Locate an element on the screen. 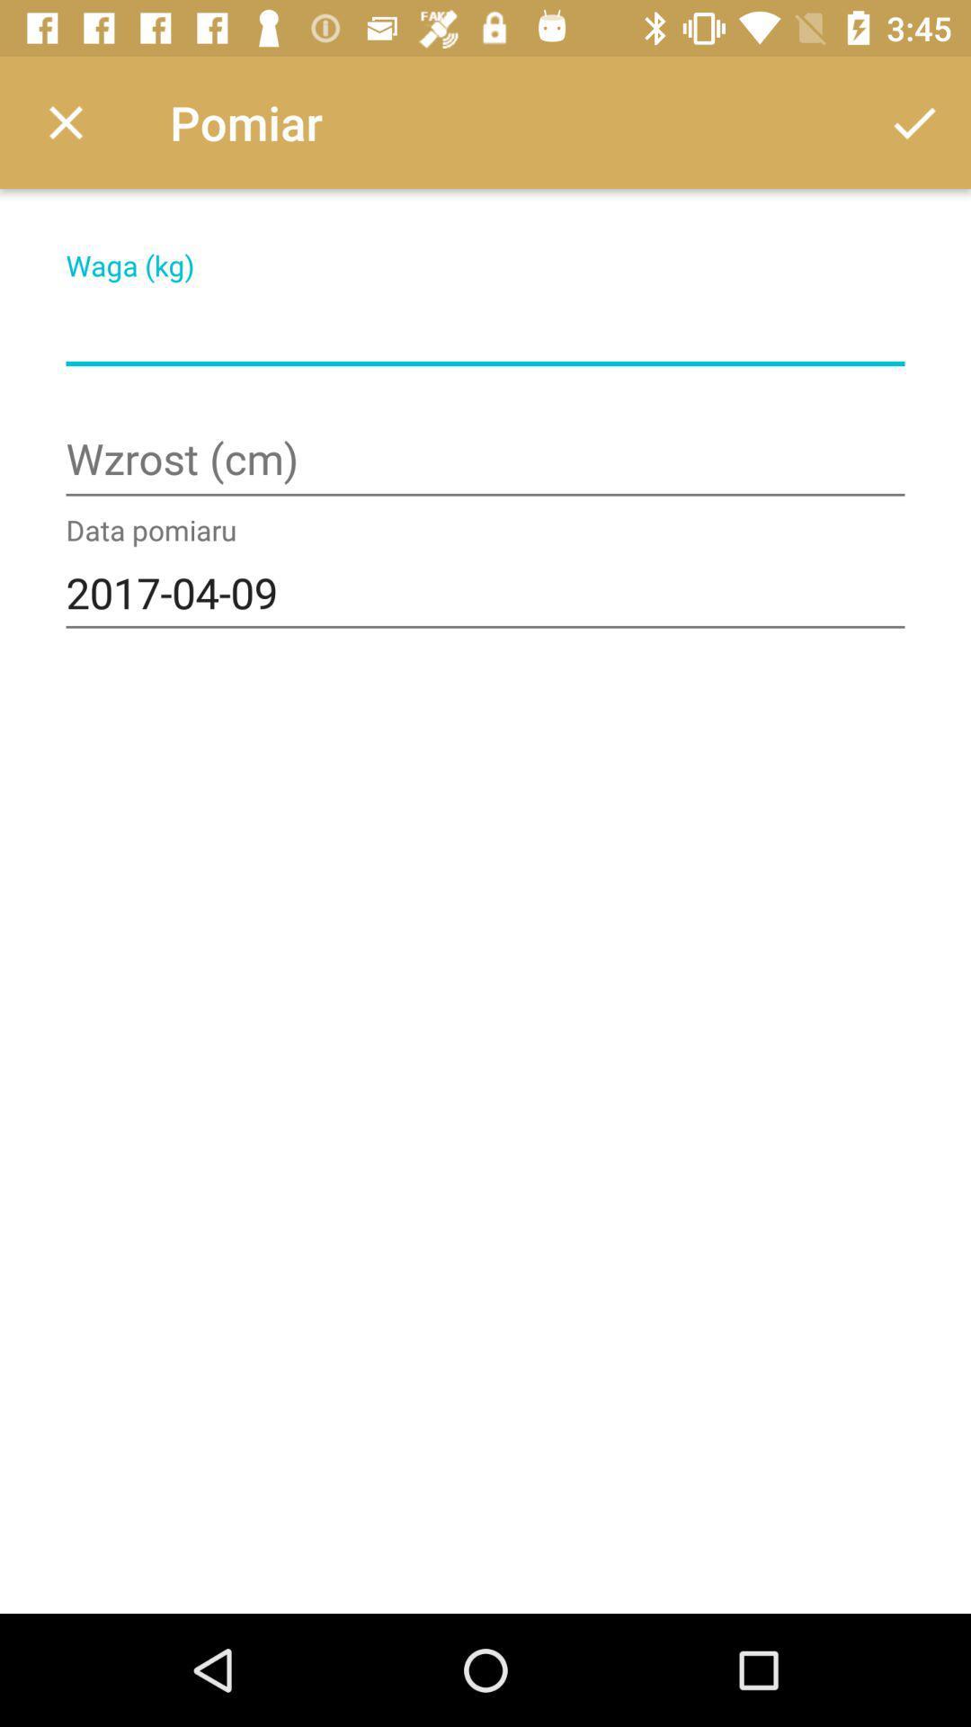 Image resolution: width=971 pixels, height=1727 pixels. change weight is located at coordinates (485, 328).